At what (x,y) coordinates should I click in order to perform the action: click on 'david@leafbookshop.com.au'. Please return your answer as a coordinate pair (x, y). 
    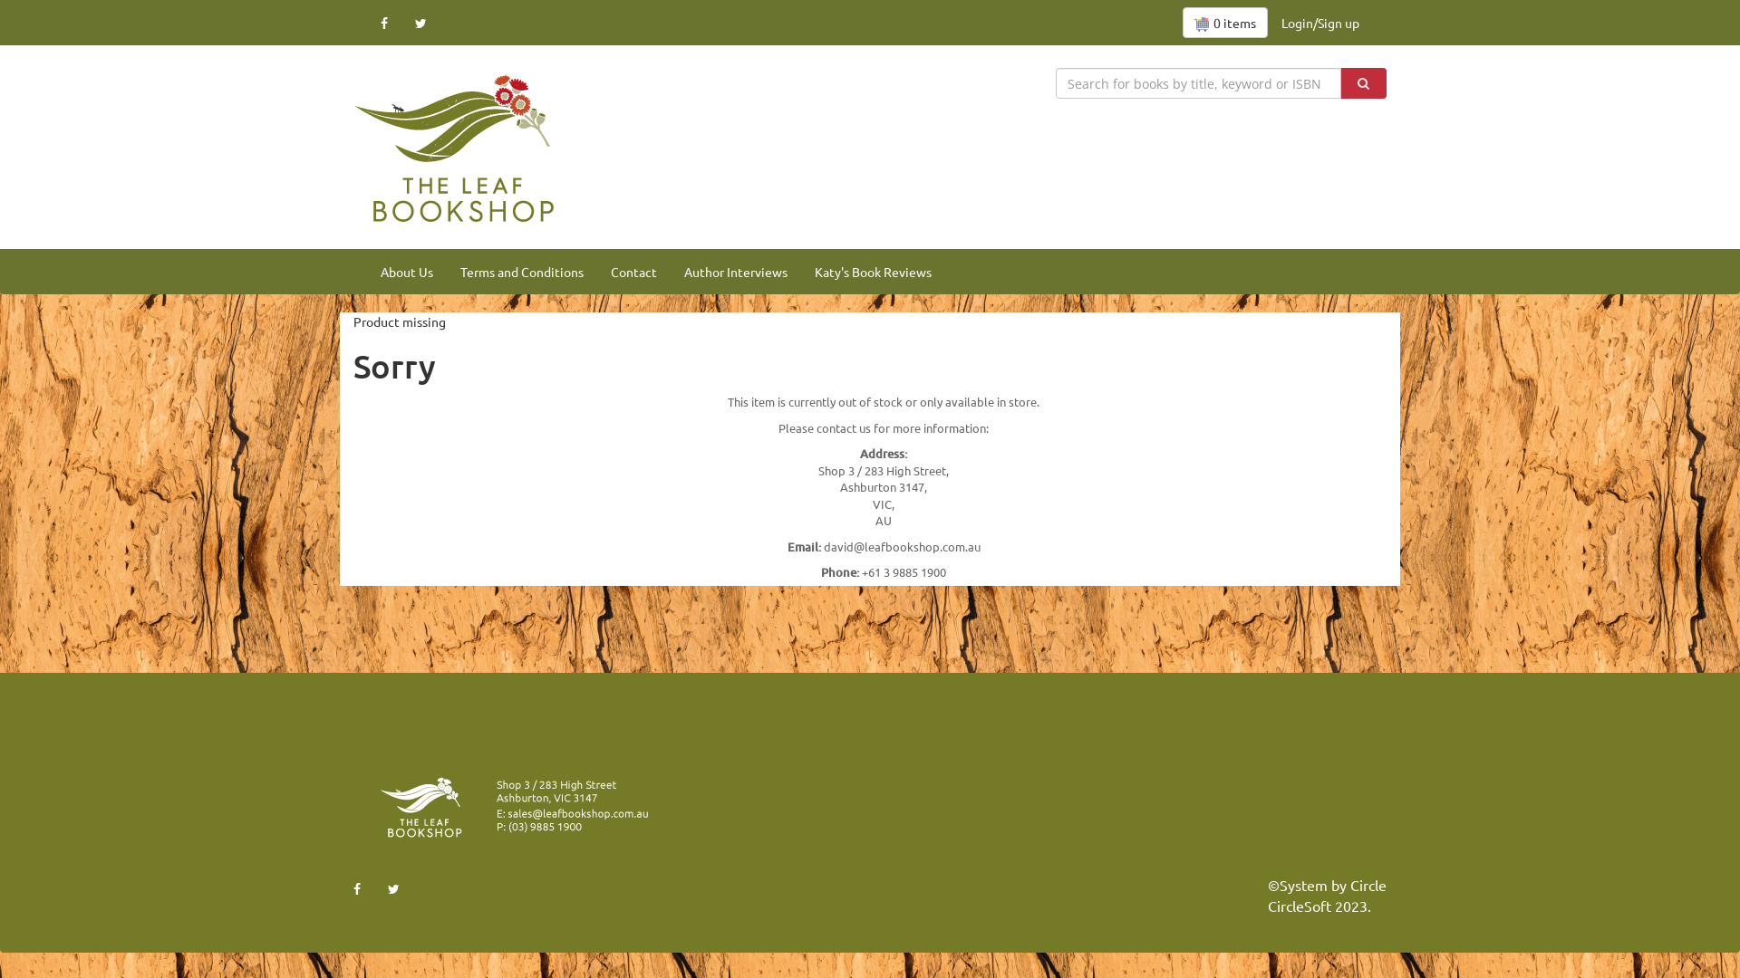
    Looking at the image, I should click on (821, 545).